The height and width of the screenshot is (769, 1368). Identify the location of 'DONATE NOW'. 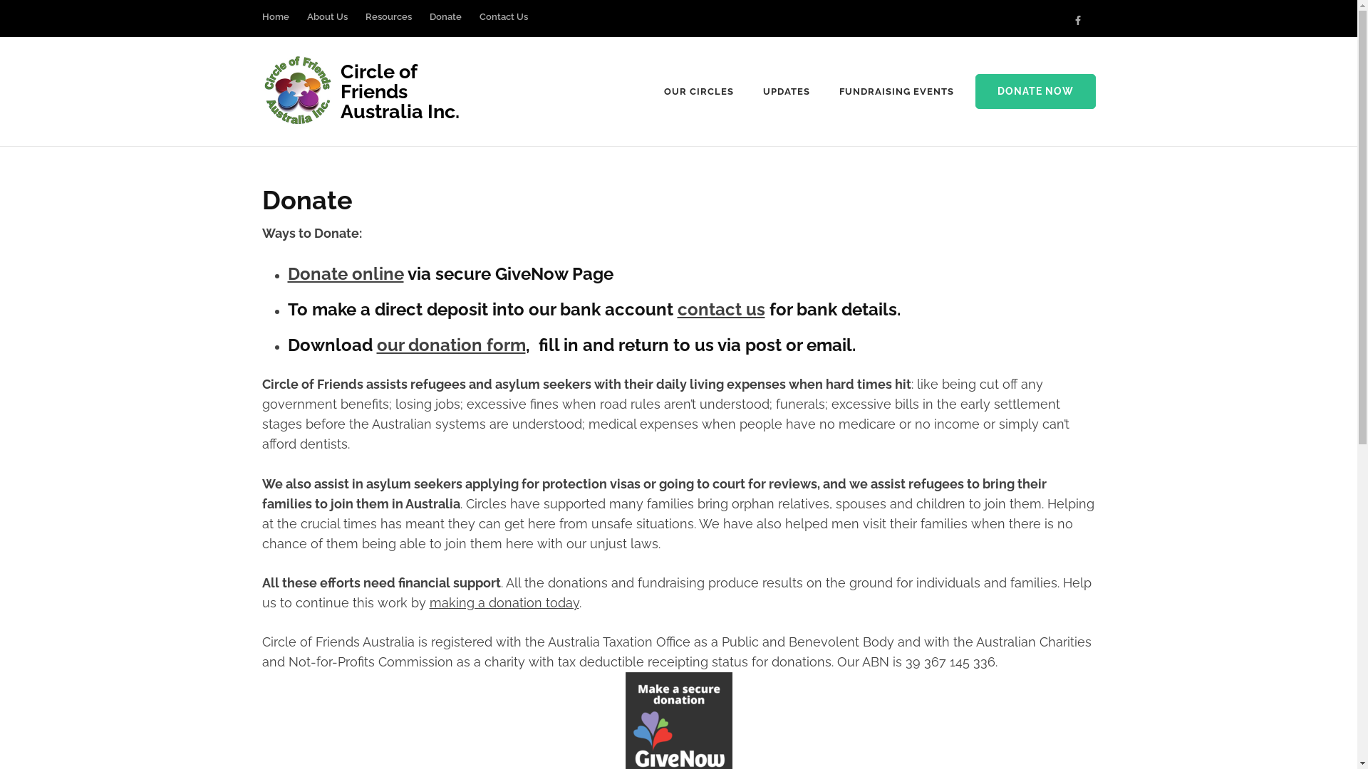
(974, 91).